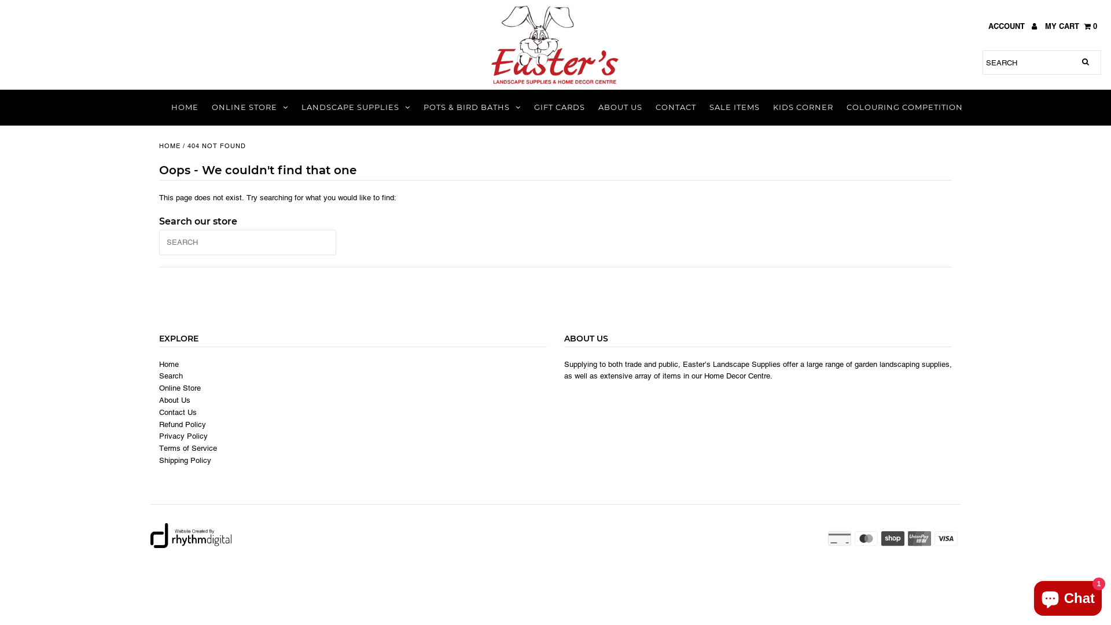 The image size is (1111, 625). What do you see at coordinates (158, 399) in the screenshot?
I see `'About Us'` at bounding box center [158, 399].